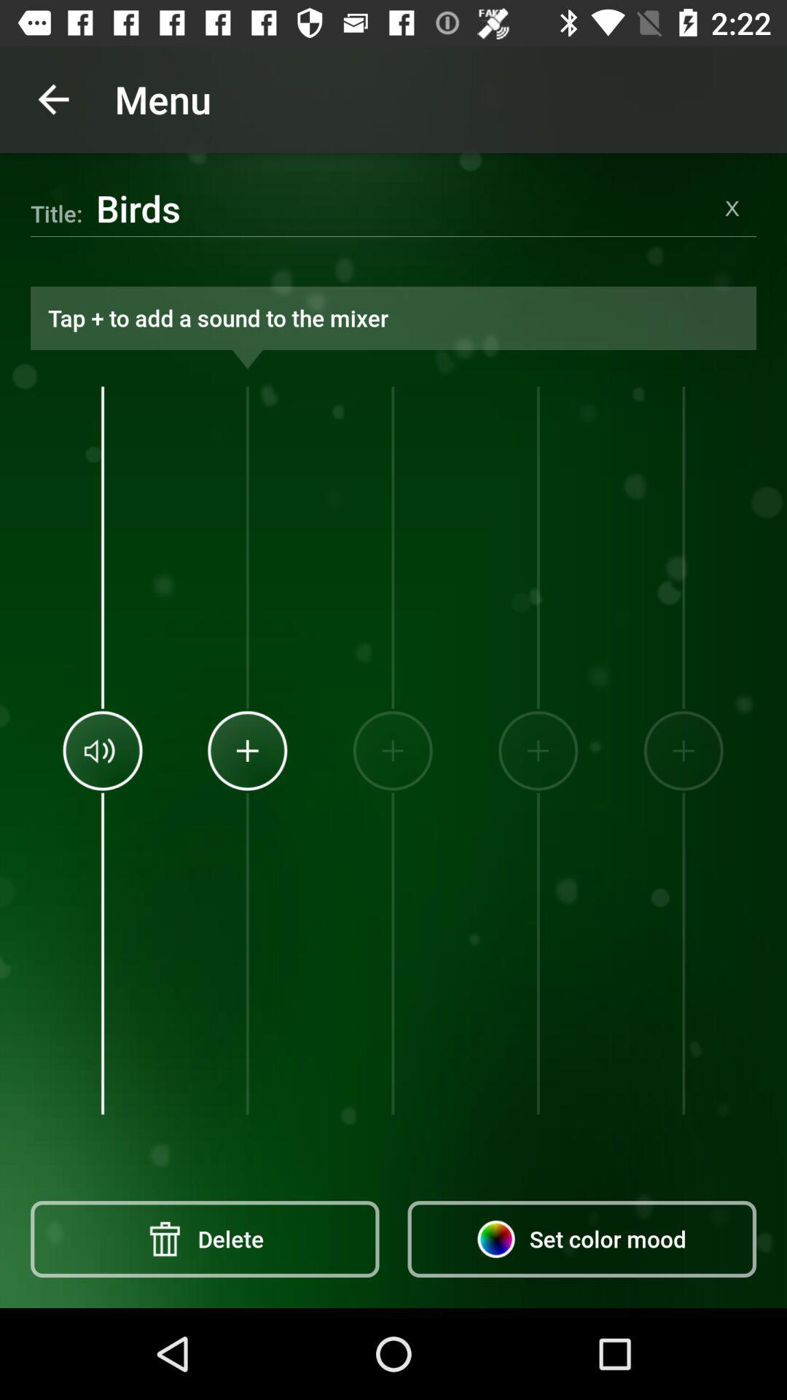 This screenshot has height=1400, width=787. I want to click on the icon above birds, so click(52, 98).